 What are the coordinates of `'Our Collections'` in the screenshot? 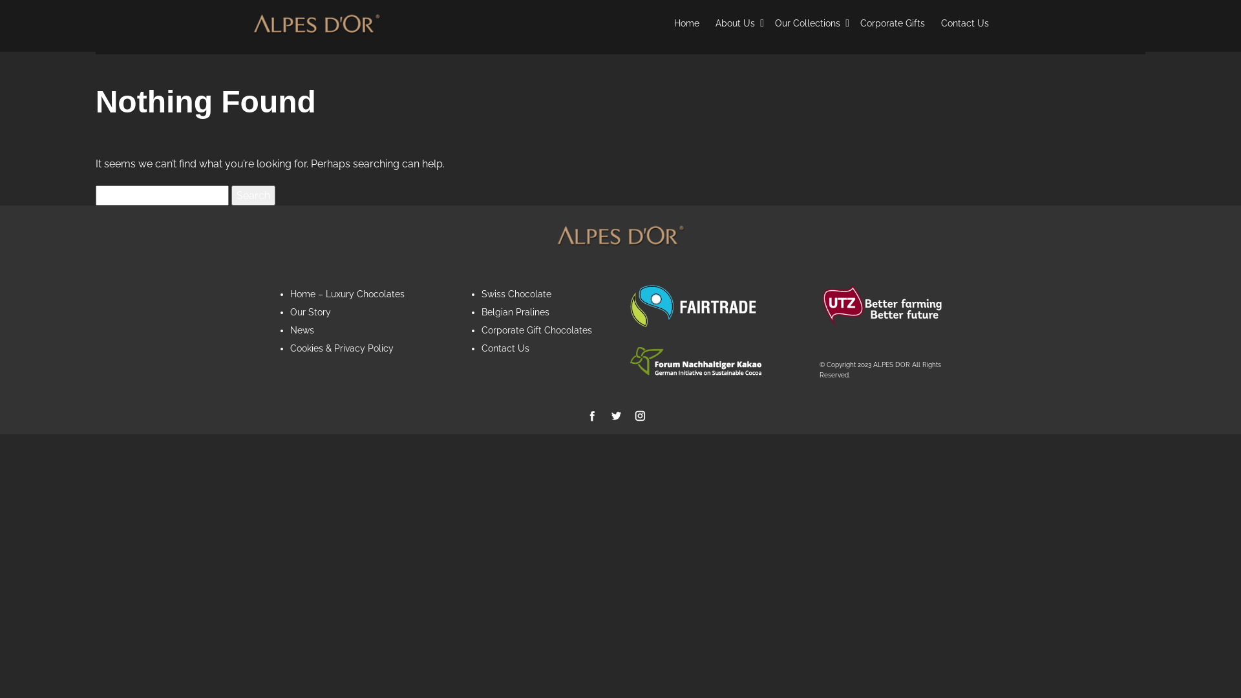 It's located at (775, 23).